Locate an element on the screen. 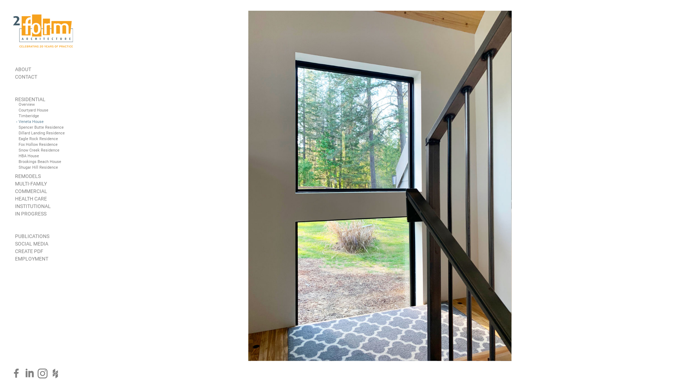 The height and width of the screenshot is (386, 687). 'CREATE PDF' is located at coordinates (29, 251).